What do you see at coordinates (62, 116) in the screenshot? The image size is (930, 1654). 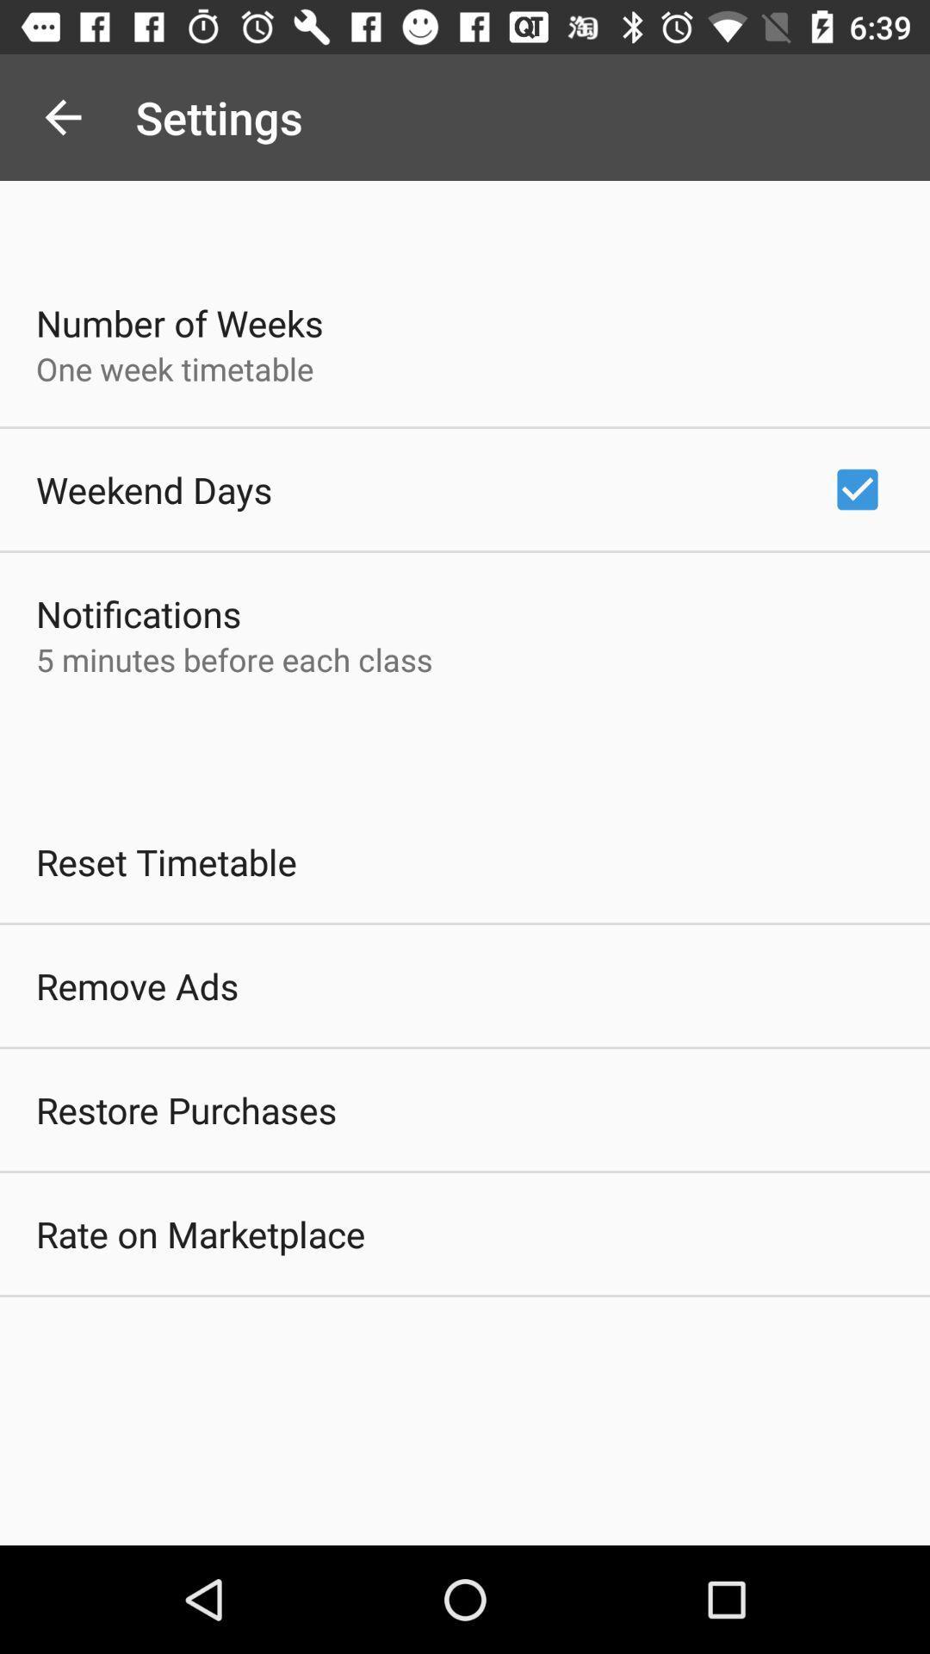 I see `the item next to the settings item` at bounding box center [62, 116].